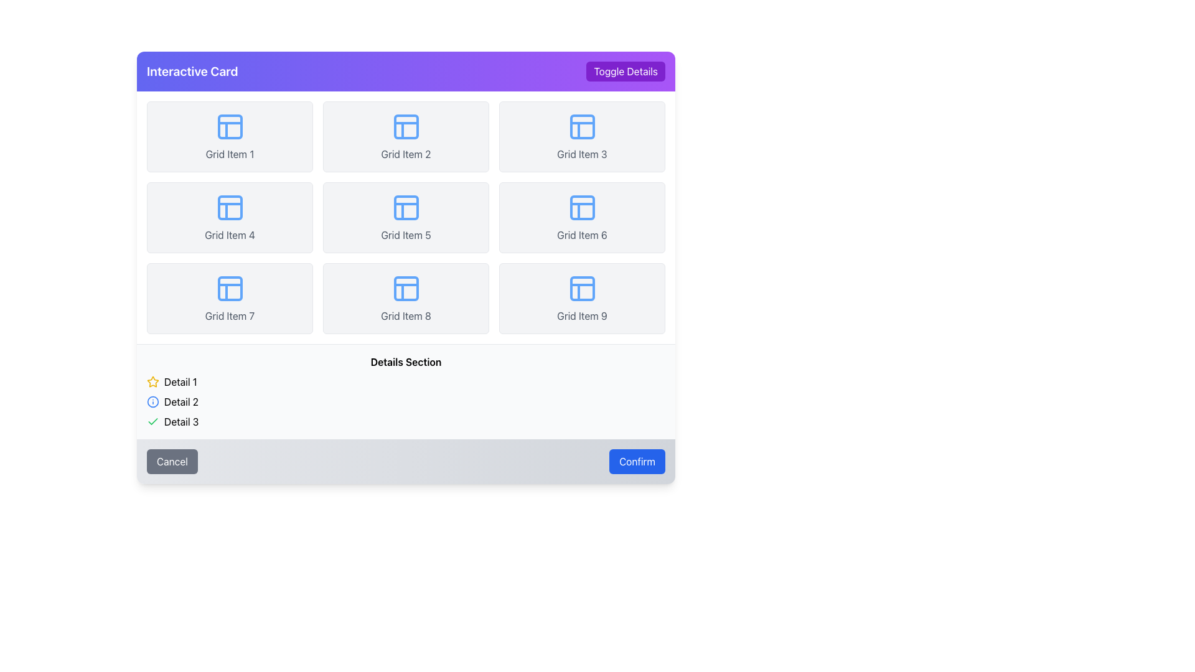 Image resolution: width=1195 pixels, height=672 pixels. Describe the element at coordinates (581, 298) in the screenshot. I see `the interactive card located in the bottom-right corner of the 3x3 grid layout, adjacent to 'Grid Item 8' and beneath 'Grid Item 6'` at that location.